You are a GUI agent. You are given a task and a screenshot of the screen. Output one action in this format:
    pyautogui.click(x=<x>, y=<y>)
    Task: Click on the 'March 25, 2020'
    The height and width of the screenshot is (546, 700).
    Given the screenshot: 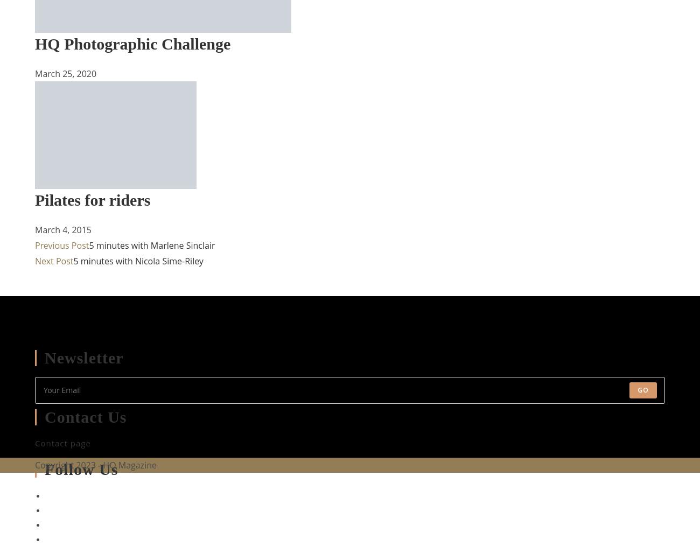 What is the action you would take?
    pyautogui.click(x=35, y=73)
    